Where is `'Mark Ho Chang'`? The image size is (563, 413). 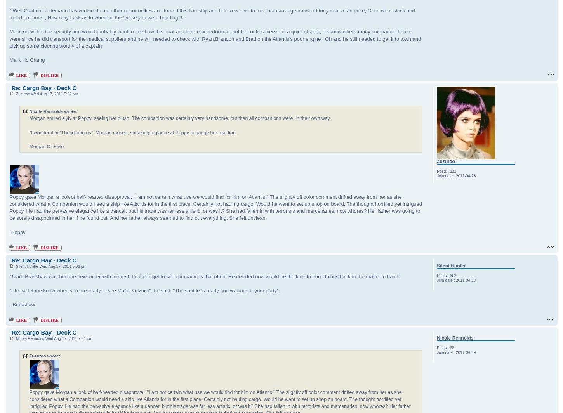
'Mark Ho Chang' is located at coordinates (27, 60).